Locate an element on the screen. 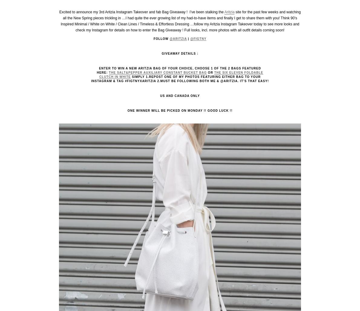 This screenshot has width=360, height=311. 'ONE WINNER WILL BE PICKED ON MONDAY !! GOOD LUCK !!' is located at coordinates (127, 111).